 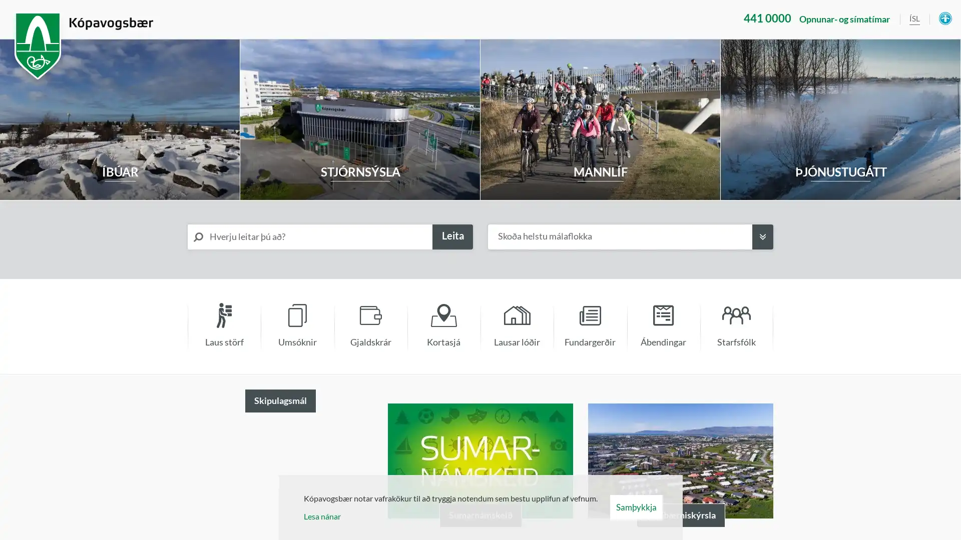 I want to click on Leita, so click(x=452, y=237).